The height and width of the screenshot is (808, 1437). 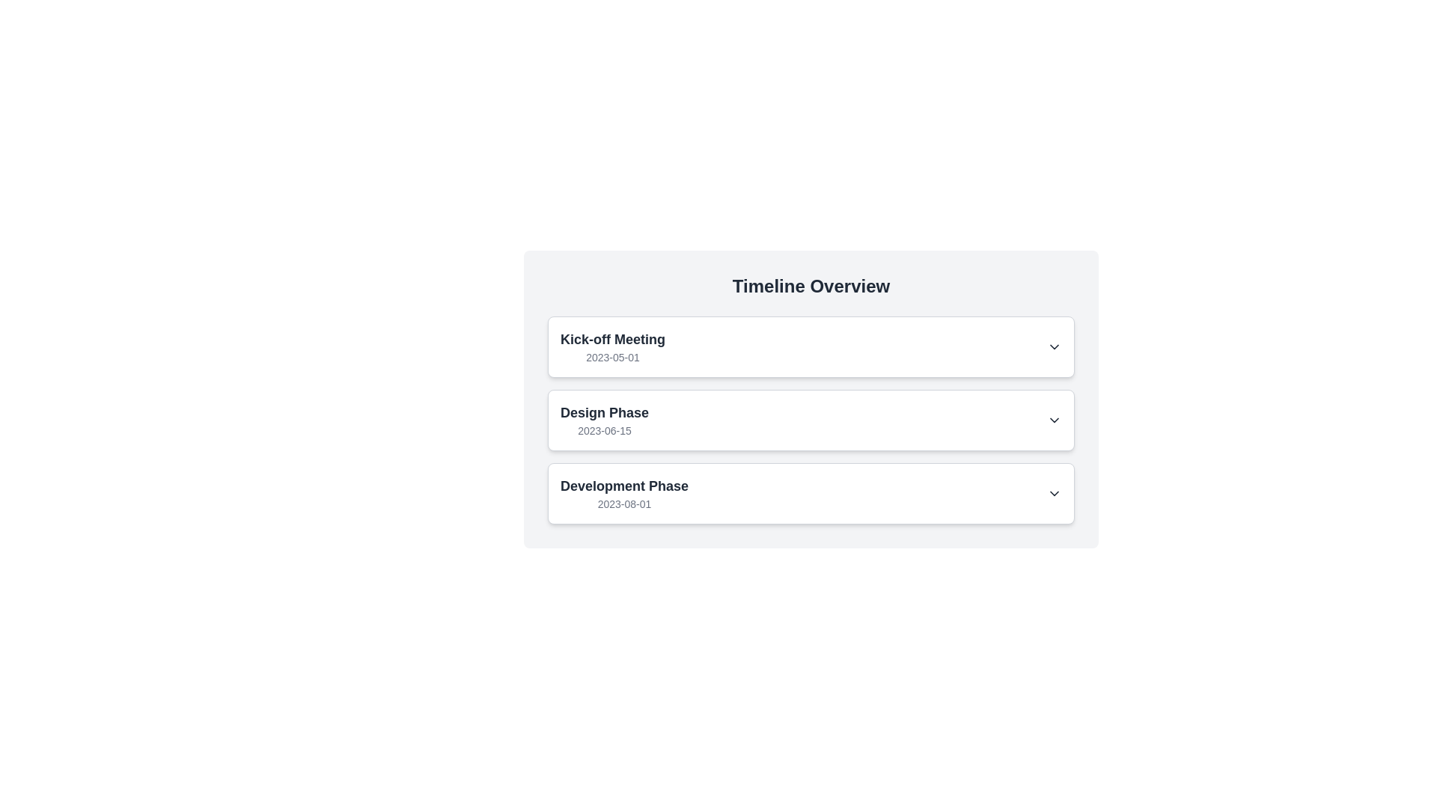 I want to click on the down chevron icon styled with a black stroke, located at the right side of the 'Kick-off Meeting' item, so click(x=1054, y=346).